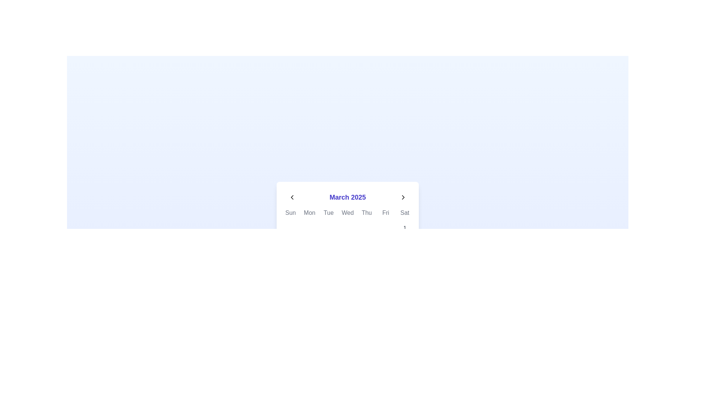  What do you see at coordinates (290, 213) in the screenshot?
I see `the static label indicating the first day of the week in the calendar grid, located at the top-left corner of the grid structure` at bounding box center [290, 213].